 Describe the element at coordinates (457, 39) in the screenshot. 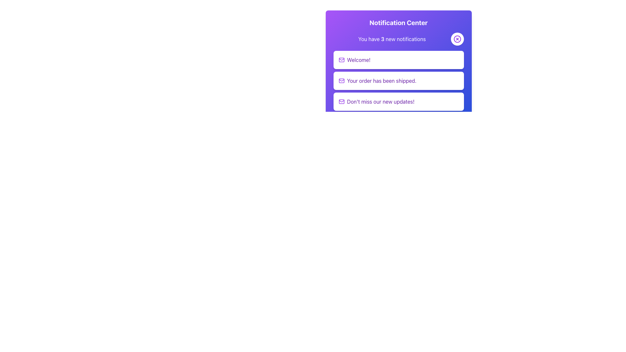

I see `the close button located` at that location.